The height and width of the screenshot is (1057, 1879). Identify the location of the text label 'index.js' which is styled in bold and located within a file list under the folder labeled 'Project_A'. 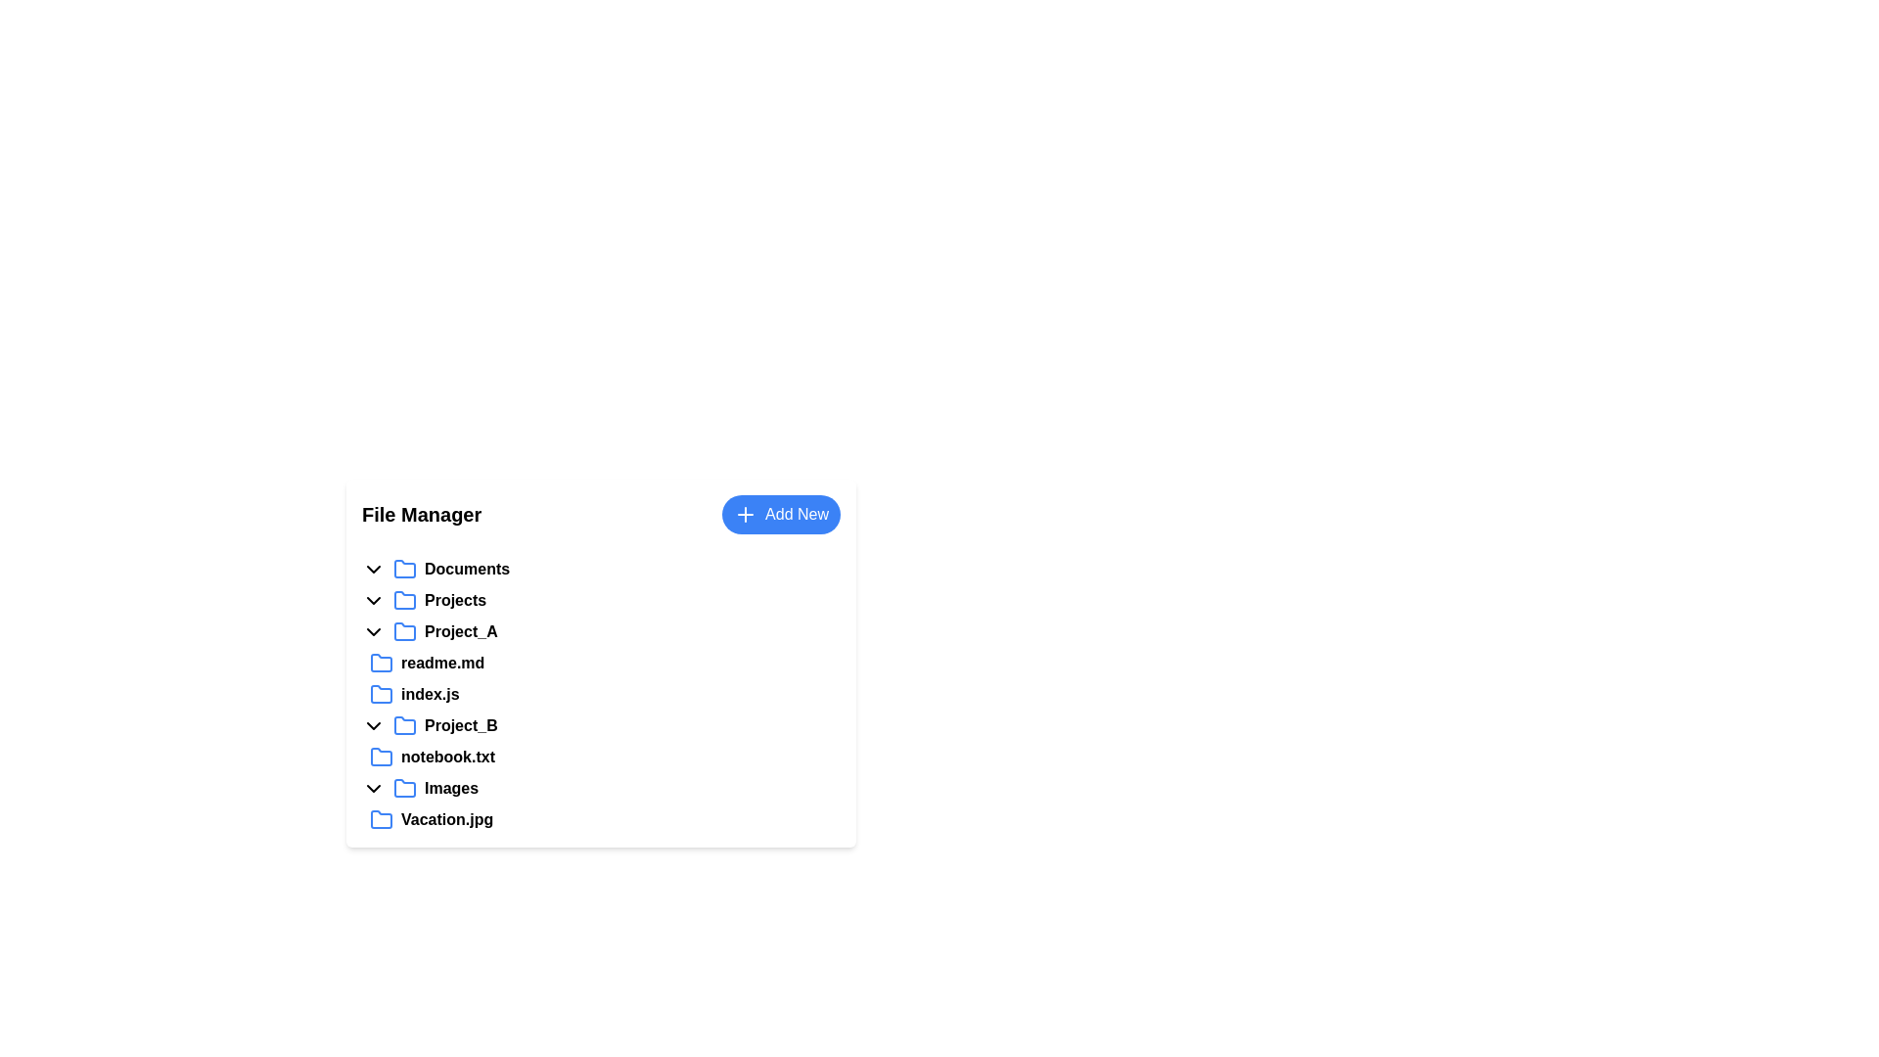
(429, 693).